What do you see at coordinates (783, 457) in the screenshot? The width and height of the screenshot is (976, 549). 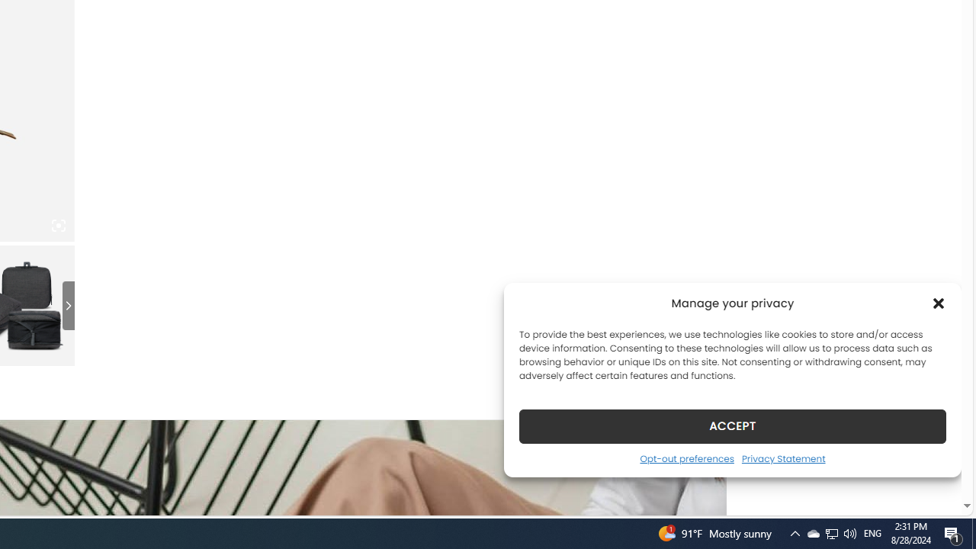 I see `'Privacy Statement'` at bounding box center [783, 457].